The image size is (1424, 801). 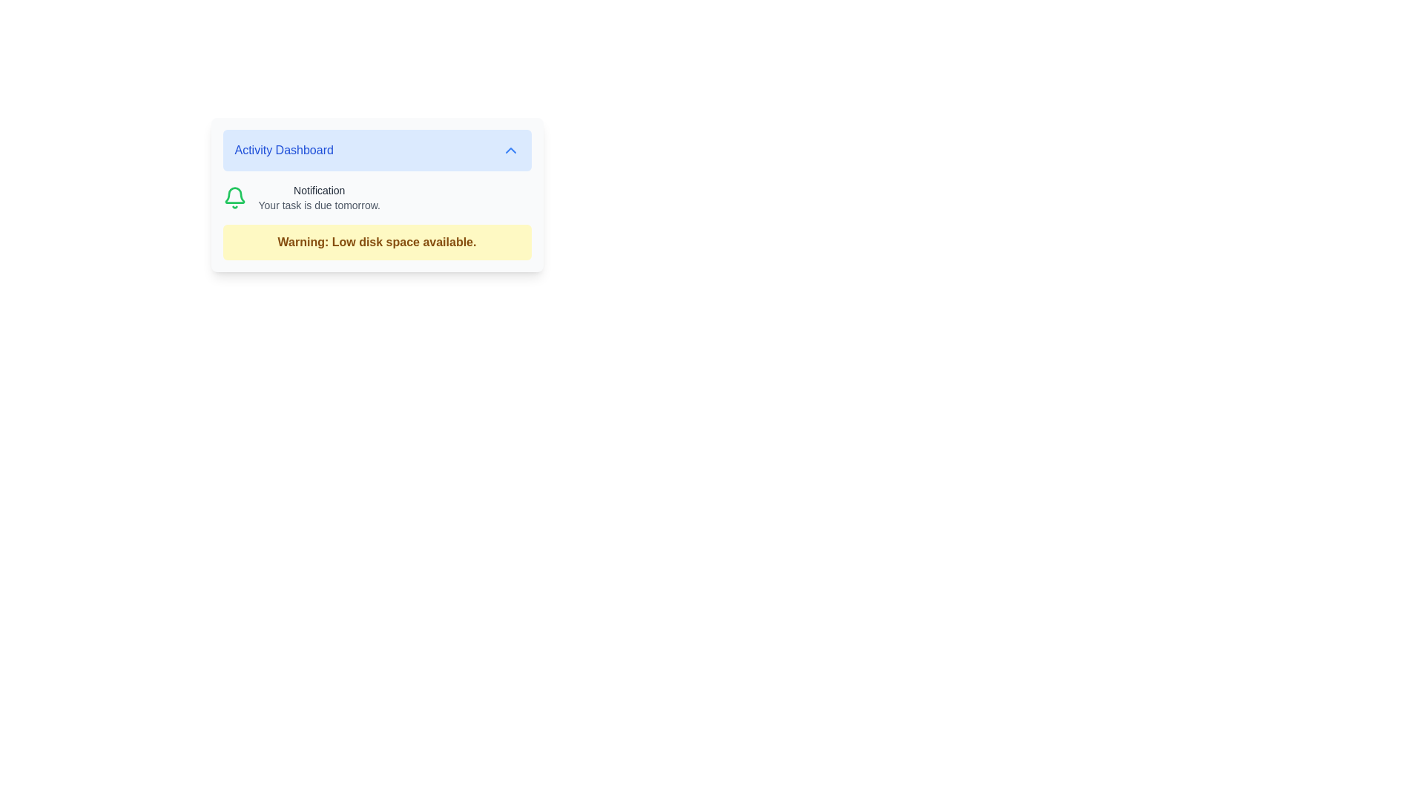 I want to click on text content of the header label positioned at the center of the notification panel, above the text 'Your task is due tomorrow.', so click(x=318, y=190).